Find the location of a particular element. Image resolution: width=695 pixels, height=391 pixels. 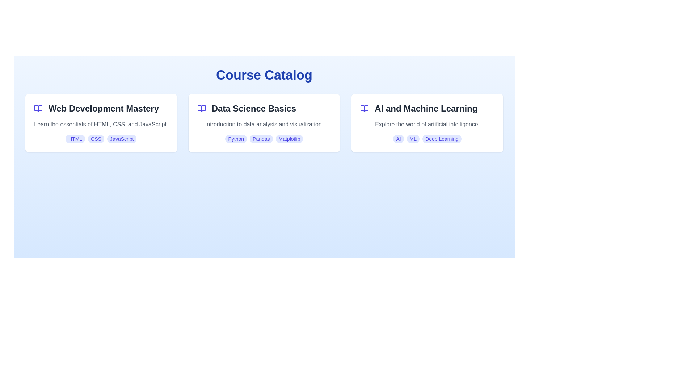

the text block providing additional descriptive information about the 'Data Science Basics' section, which is positioned beneath the main title and above the tags indicating Python, Pandas, and Matplotlib is located at coordinates (264, 124).